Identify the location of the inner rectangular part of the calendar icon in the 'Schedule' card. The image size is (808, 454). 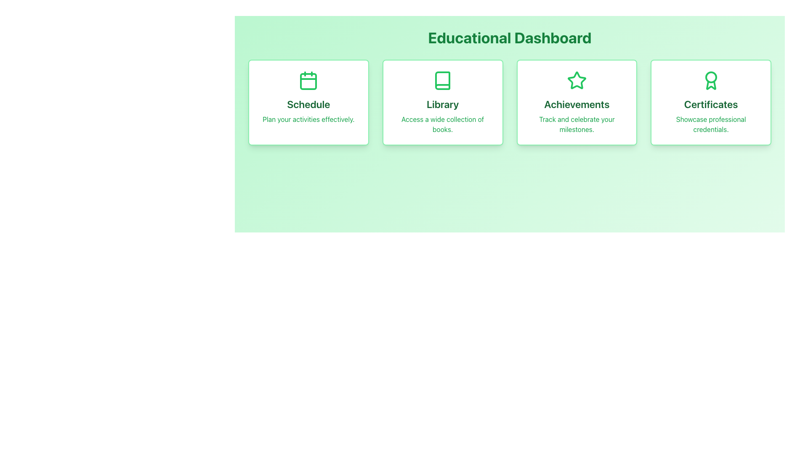
(308, 81).